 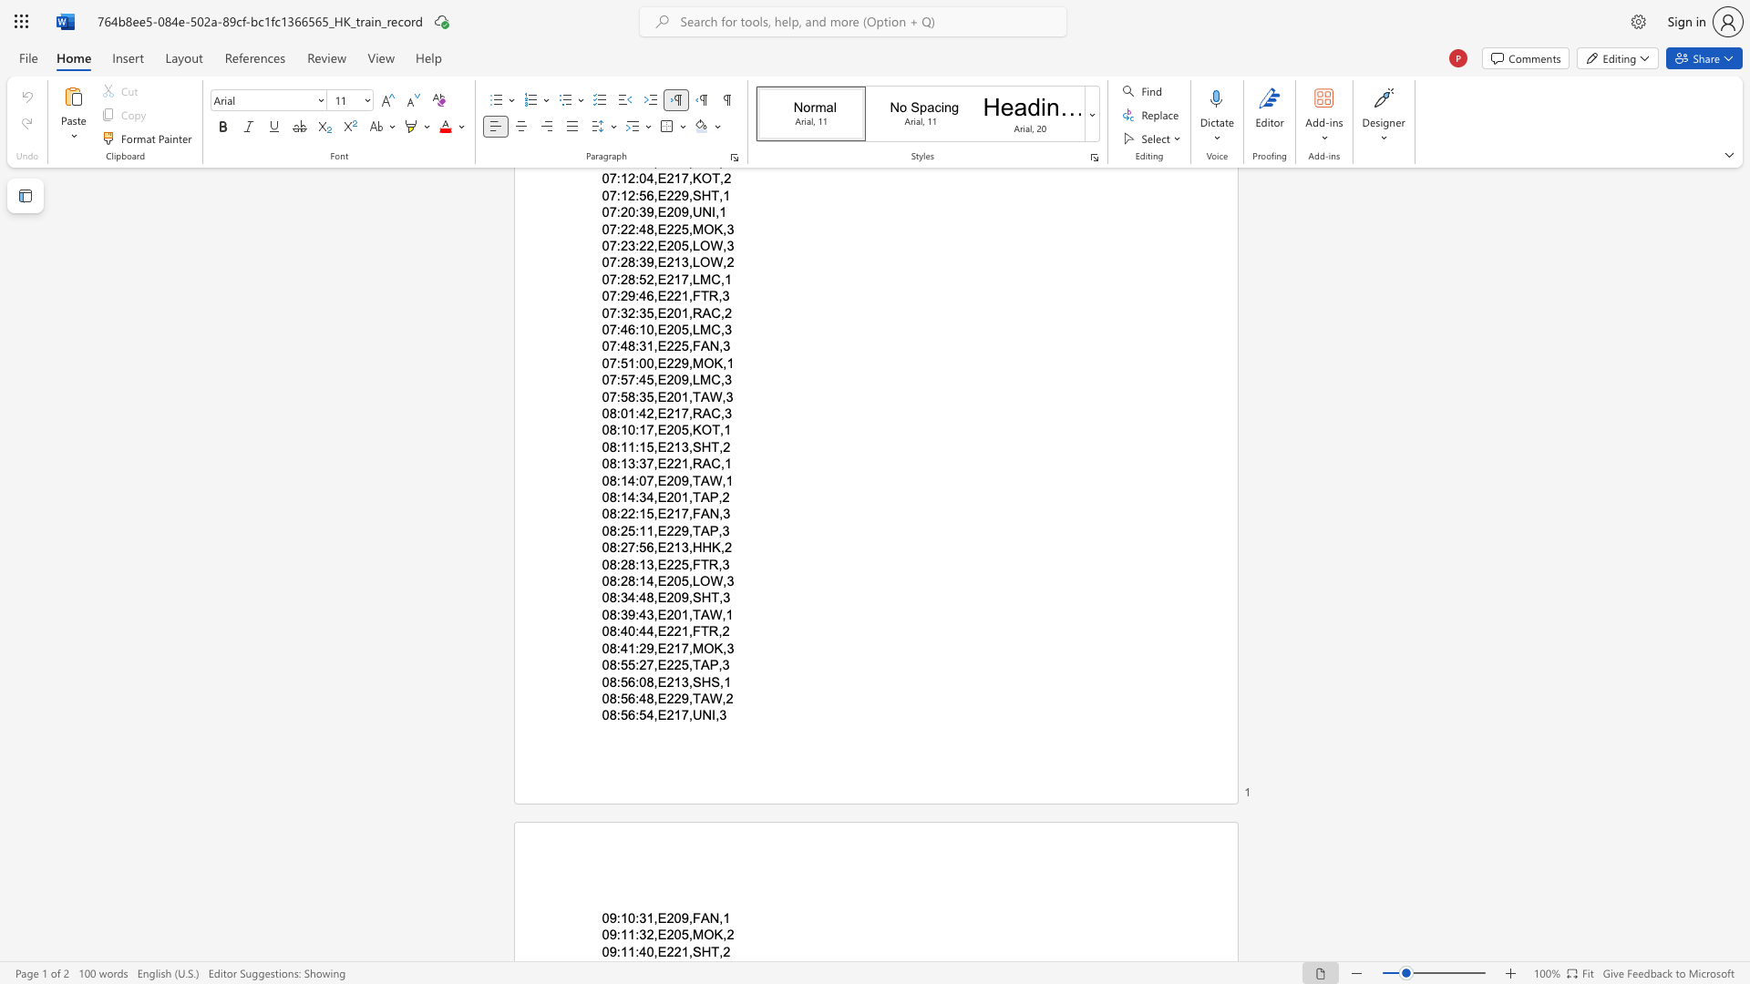 What do you see at coordinates (654, 714) in the screenshot?
I see `the subset text ",E21" within the text "08:56:54,E217,UNI,3"` at bounding box center [654, 714].